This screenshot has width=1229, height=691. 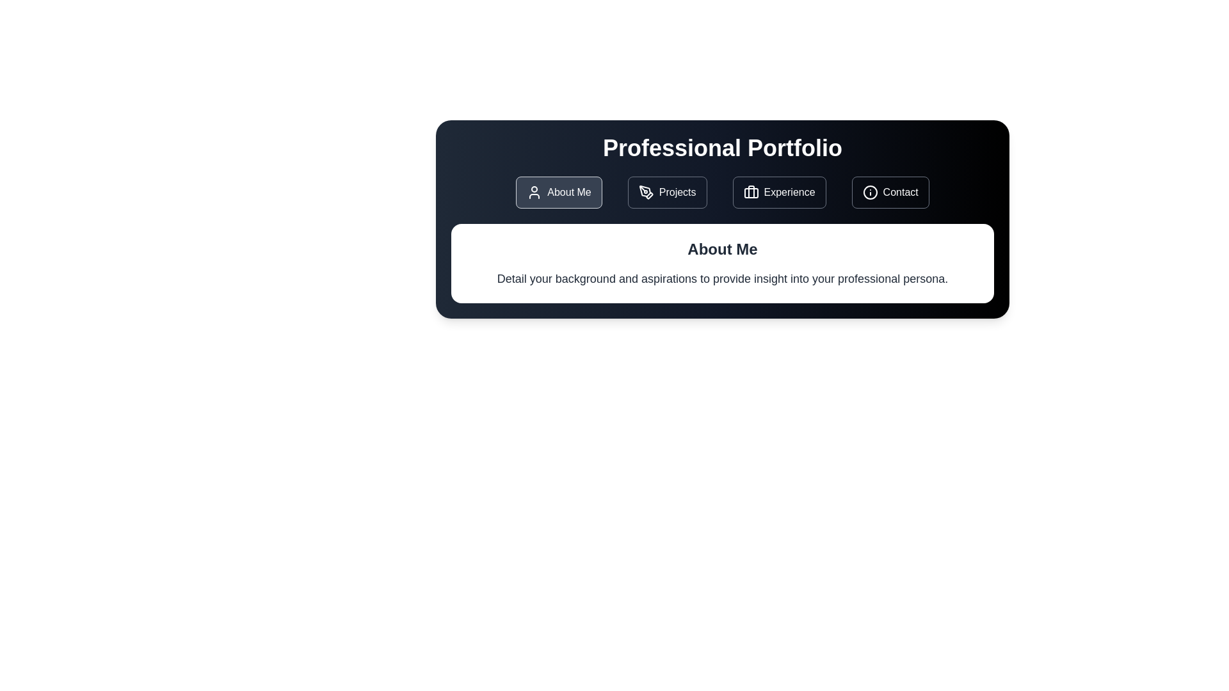 I want to click on the SVG Circle that represents the 'Contact' option, located in the upper-right corner of the main navigation bar, so click(x=870, y=192).